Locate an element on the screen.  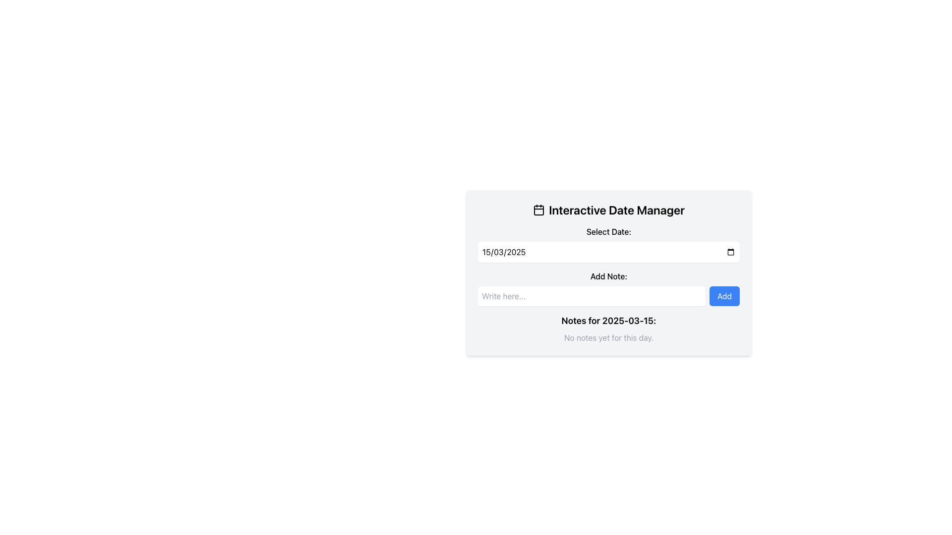
a date using the calendar icon in the date input field of the 'Interactive Date Manager' section is located at coordinates (608, 244).